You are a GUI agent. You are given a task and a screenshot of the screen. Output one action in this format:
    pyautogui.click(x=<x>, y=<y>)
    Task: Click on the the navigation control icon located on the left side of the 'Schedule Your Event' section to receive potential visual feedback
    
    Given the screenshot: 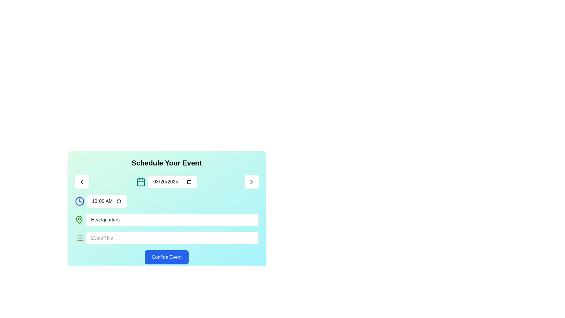 What is the action you would take?
    pyautogui.click(x=82, y=181)
    